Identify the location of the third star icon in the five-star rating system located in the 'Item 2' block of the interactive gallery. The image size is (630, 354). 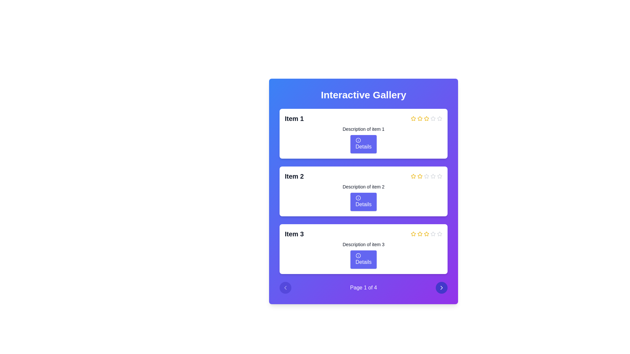
(427, 176).